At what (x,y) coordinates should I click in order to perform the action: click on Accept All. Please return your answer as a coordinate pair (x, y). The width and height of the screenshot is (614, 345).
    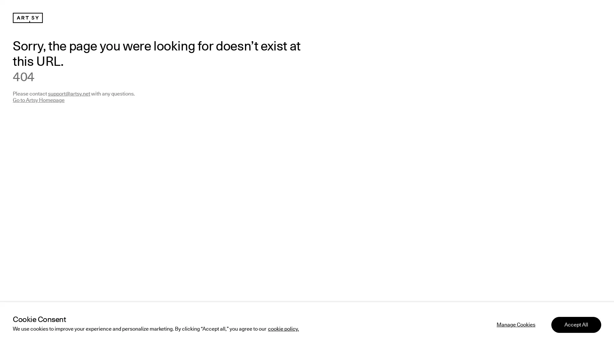
    Looking at the image, I should click on (576, 324).